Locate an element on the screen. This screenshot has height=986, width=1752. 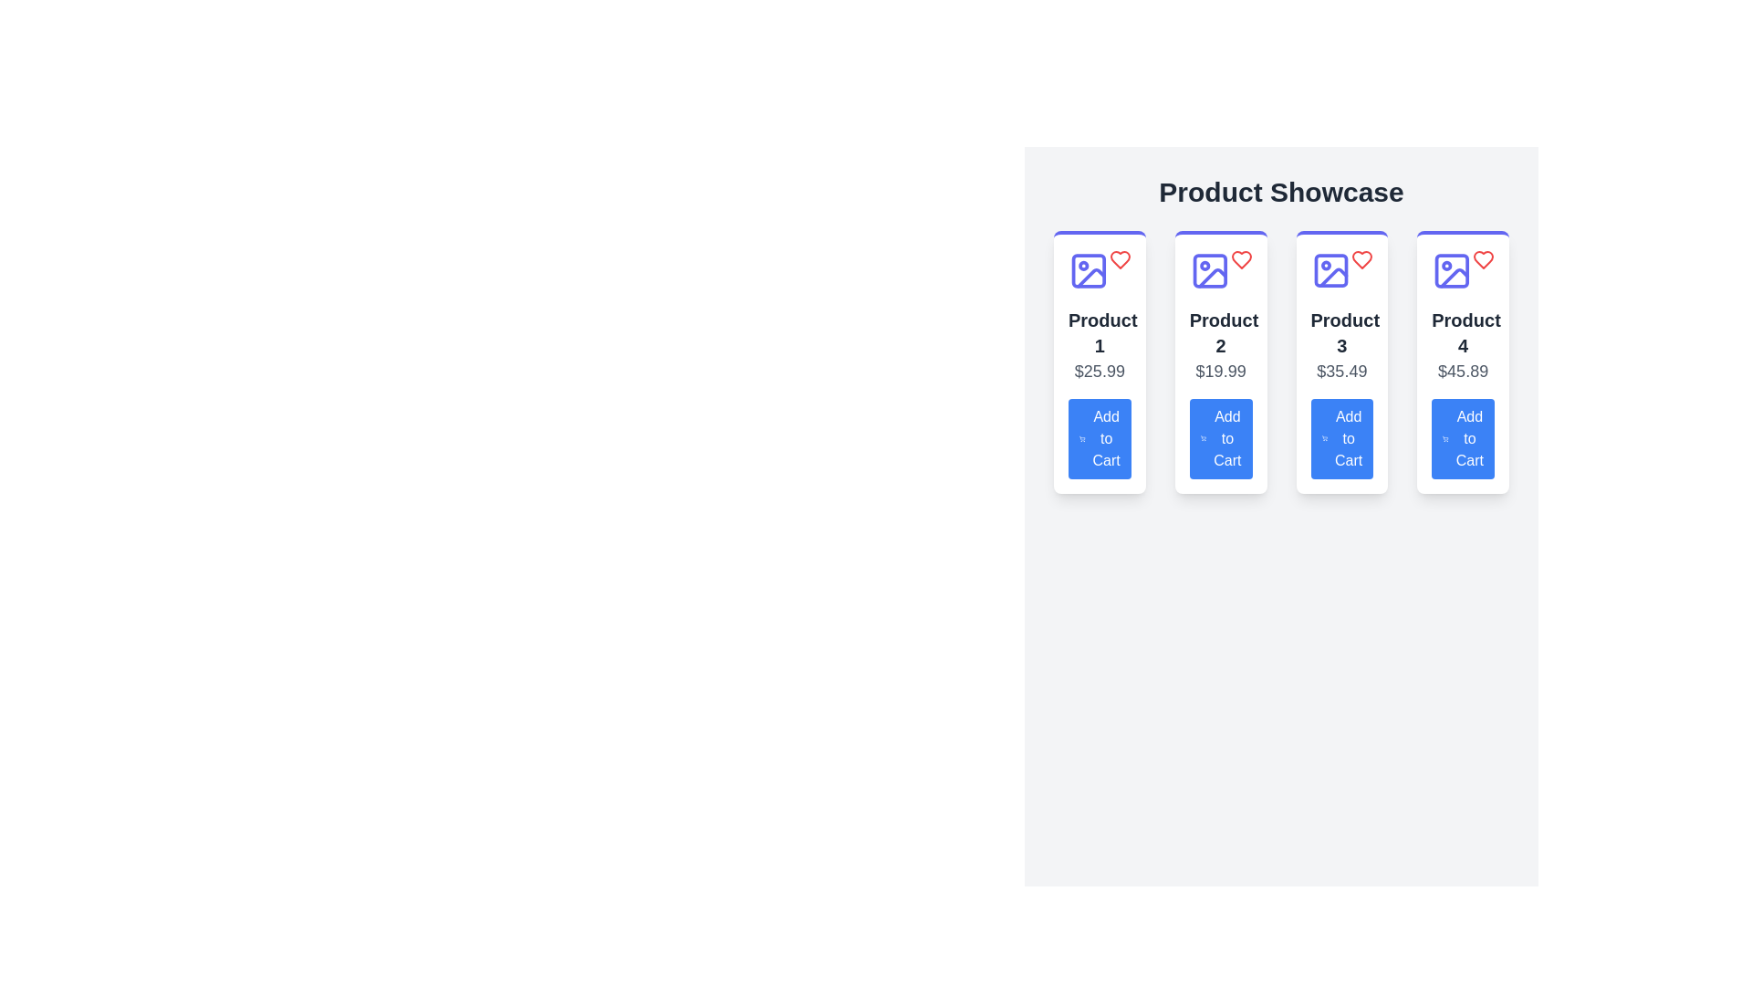
the static text label at the top of the product showcase section is located at coordinates (1280, 193).